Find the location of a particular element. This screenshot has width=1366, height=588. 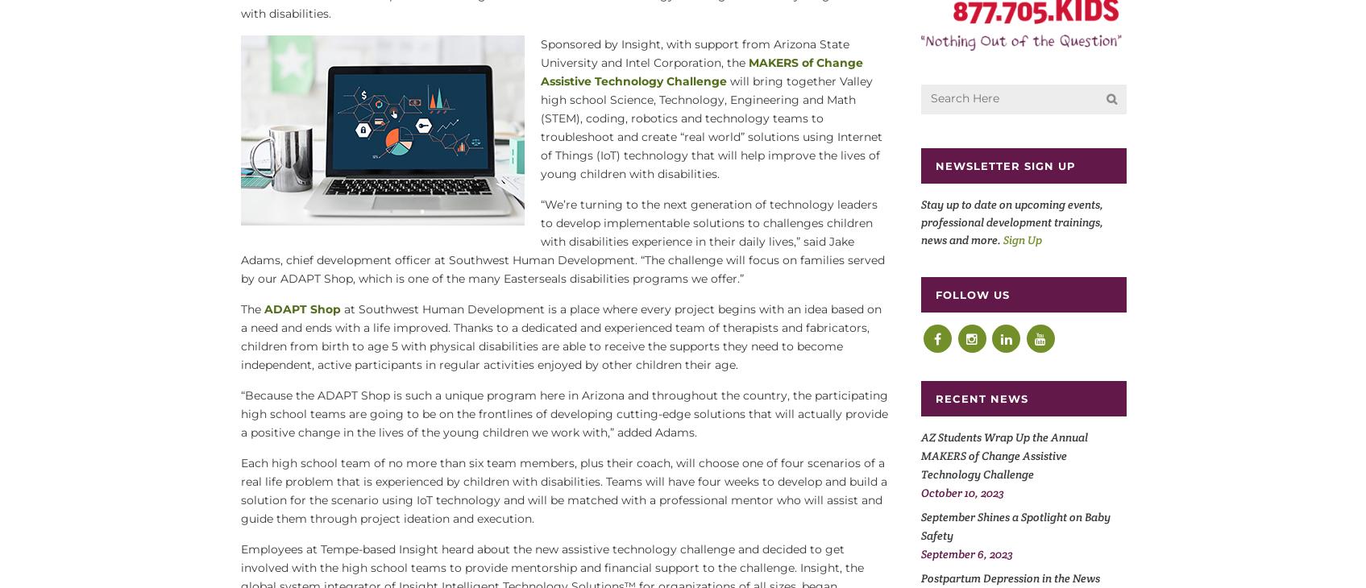

'“Because the ADAPT Shop is such a unique program here in Arizona and throughout the country, the participating high school teams are going to be on the frontlines of developing cutting-edge solutions that will actually provide a positive change in the lives of the young children we work with,” added Adams.' is located at coordinates (563, 412).